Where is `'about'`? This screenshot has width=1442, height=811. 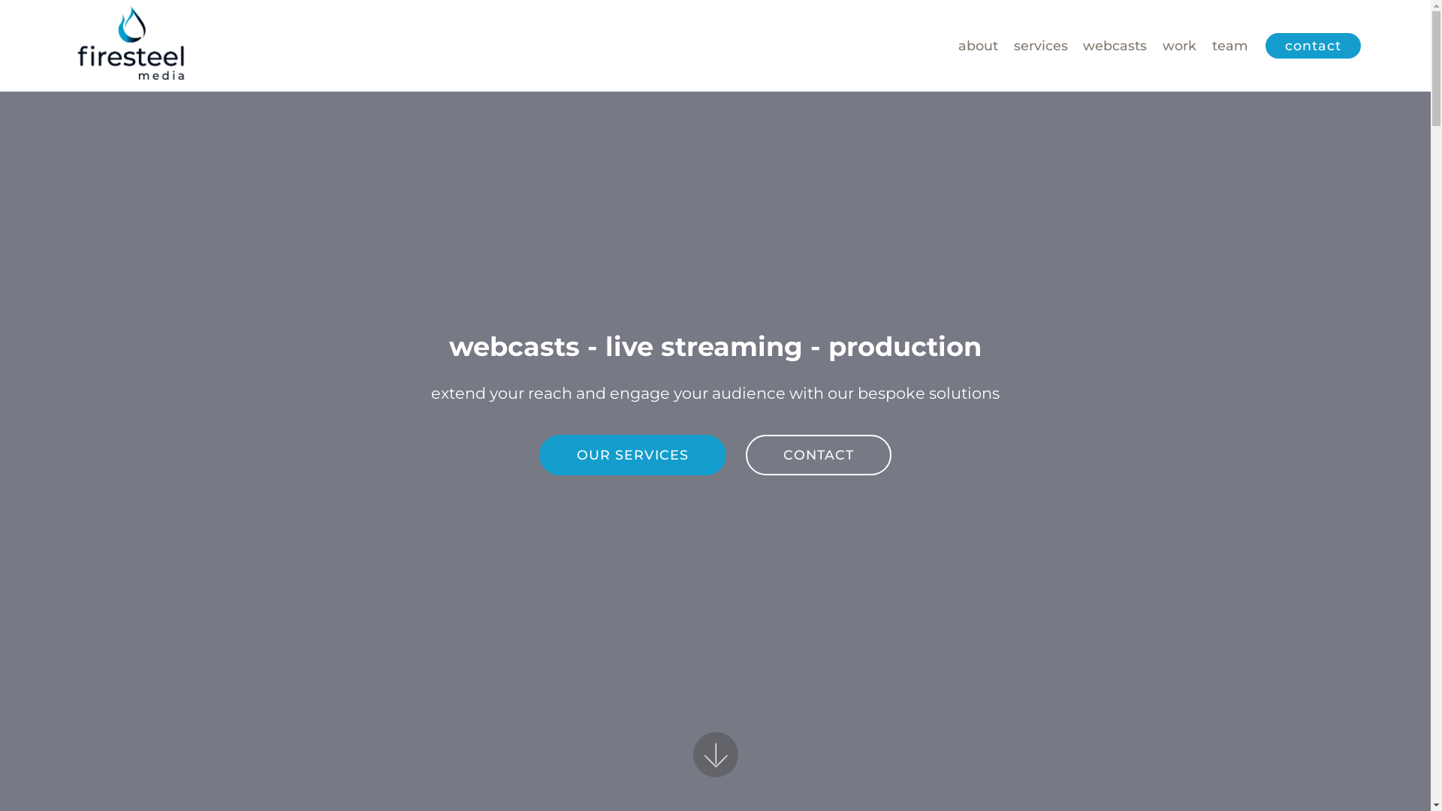
'about' is located at coordinates (978, 45).